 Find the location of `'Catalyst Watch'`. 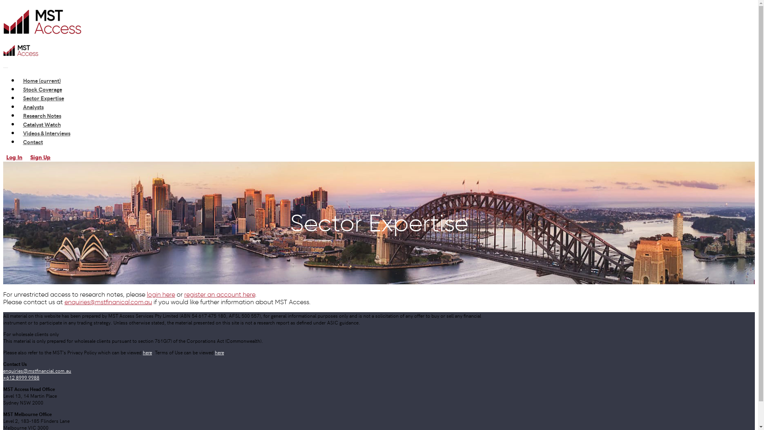

'Catalyst Watch' is located at coordinates (41, 124).